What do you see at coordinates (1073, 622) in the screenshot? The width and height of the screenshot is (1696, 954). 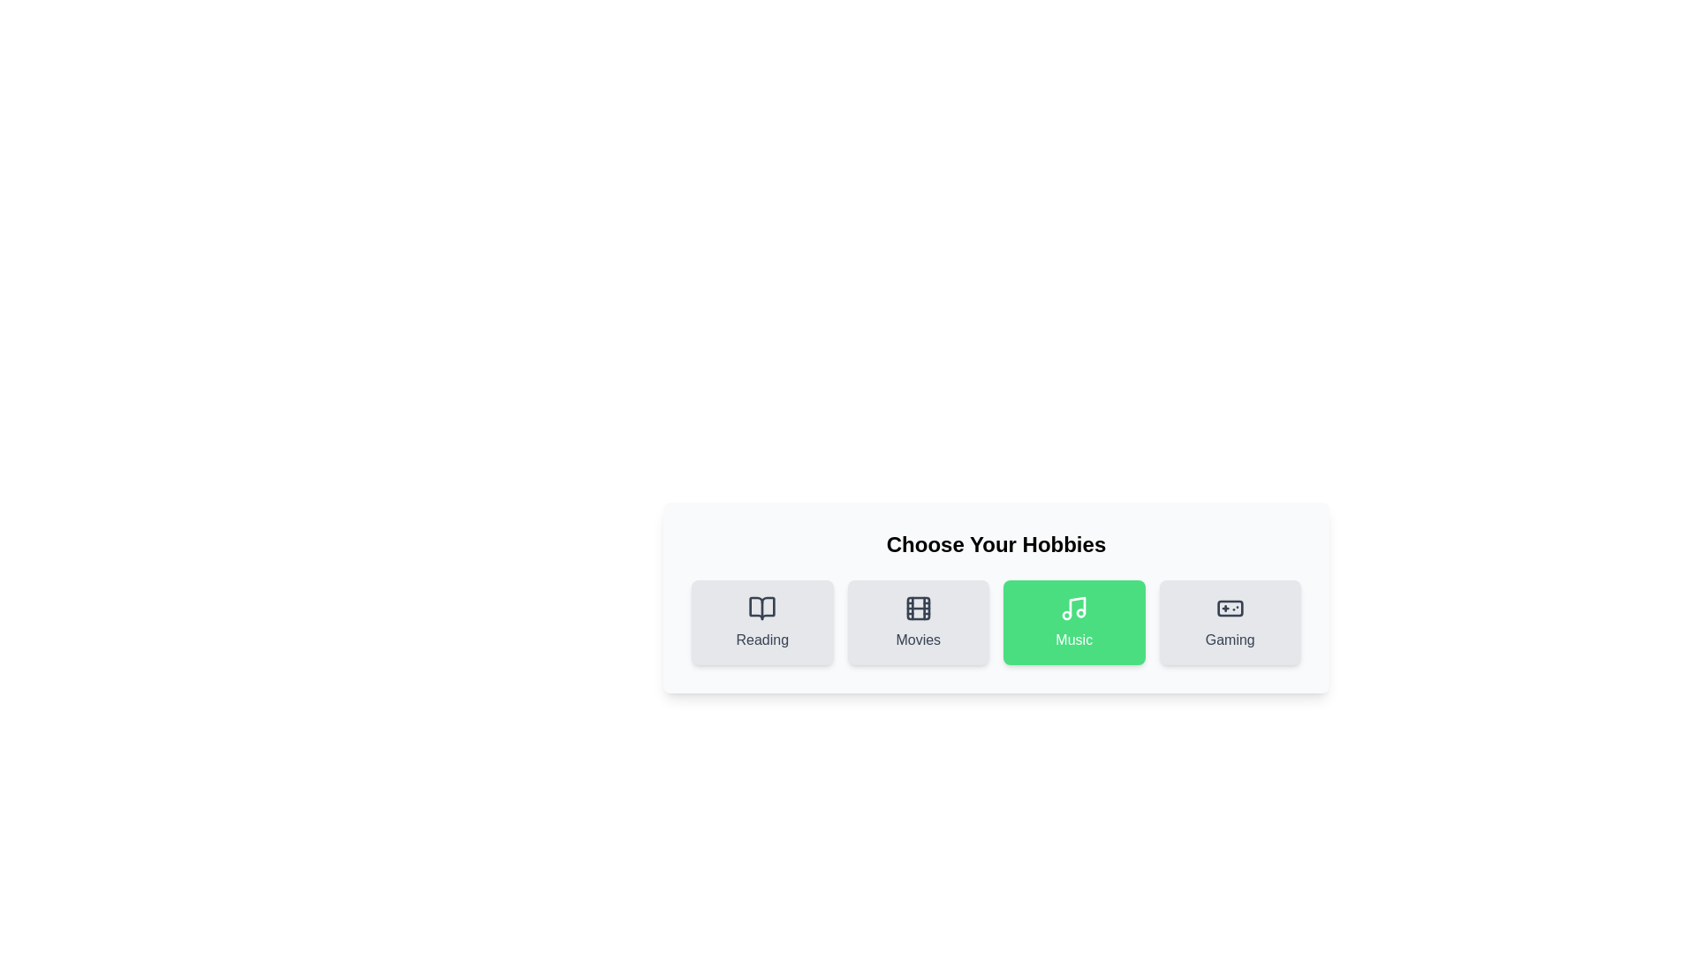 I see `the hobby Music` at bounding box center [1073, 622].